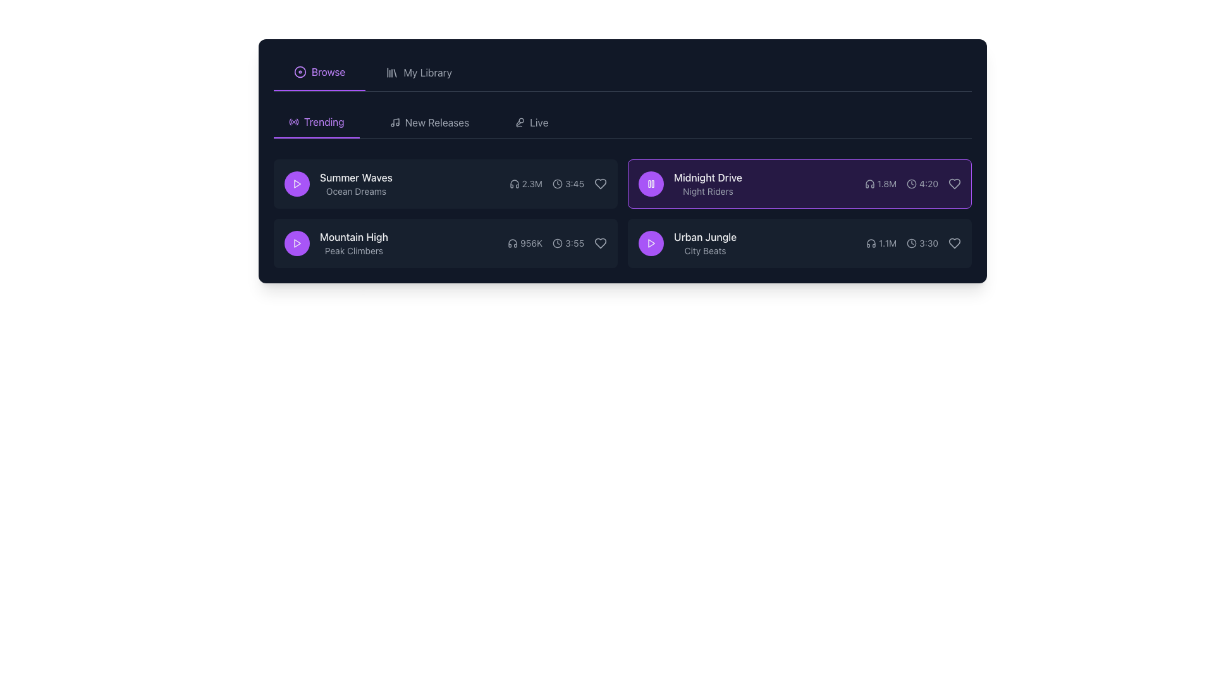 Image resolution: width=1214 pixels, height=683 pixels. What do you see at coordinates (600, 183) in the screenshot?
I see `the favorite button located` at bounding box center [600, 183].